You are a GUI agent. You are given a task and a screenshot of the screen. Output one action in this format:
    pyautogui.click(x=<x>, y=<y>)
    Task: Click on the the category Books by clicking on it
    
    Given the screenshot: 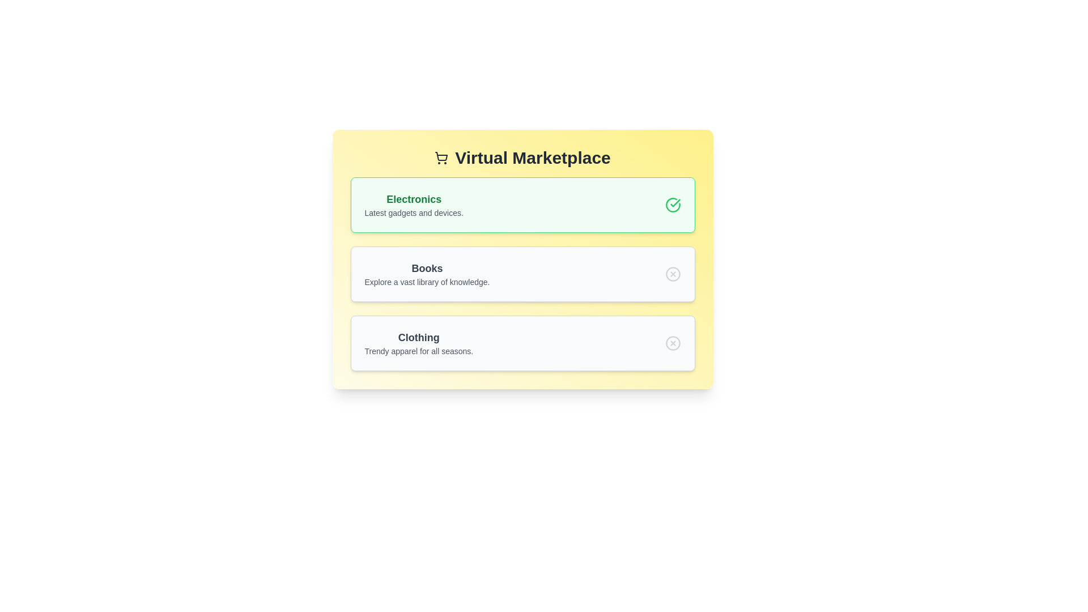 What is the action you would take?
    pyautogui.click(x=522, y=274)
    